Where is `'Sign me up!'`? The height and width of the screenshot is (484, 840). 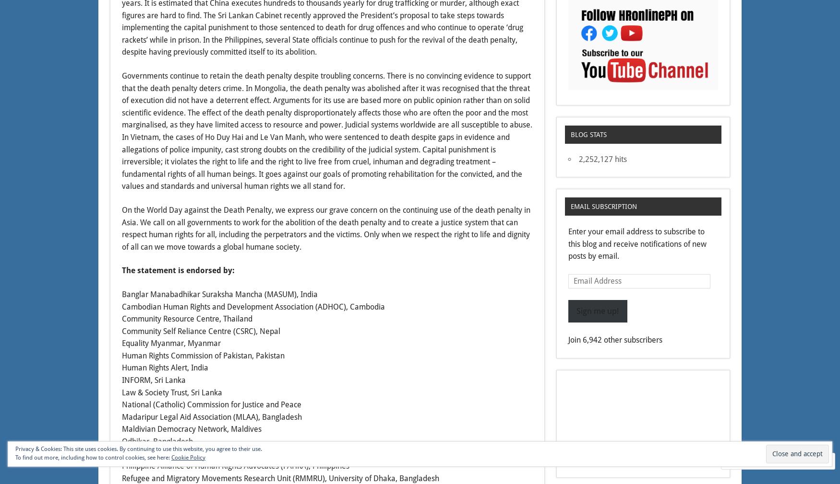
'Sign me up!' is located at coordinates (576, 310).